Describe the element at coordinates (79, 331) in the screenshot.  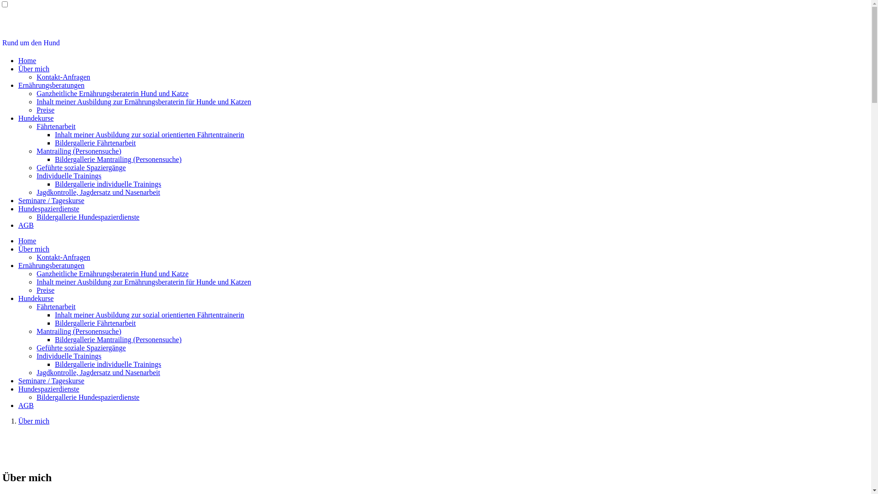
I see `'Mantrailing (Personensuche)'` at that location.